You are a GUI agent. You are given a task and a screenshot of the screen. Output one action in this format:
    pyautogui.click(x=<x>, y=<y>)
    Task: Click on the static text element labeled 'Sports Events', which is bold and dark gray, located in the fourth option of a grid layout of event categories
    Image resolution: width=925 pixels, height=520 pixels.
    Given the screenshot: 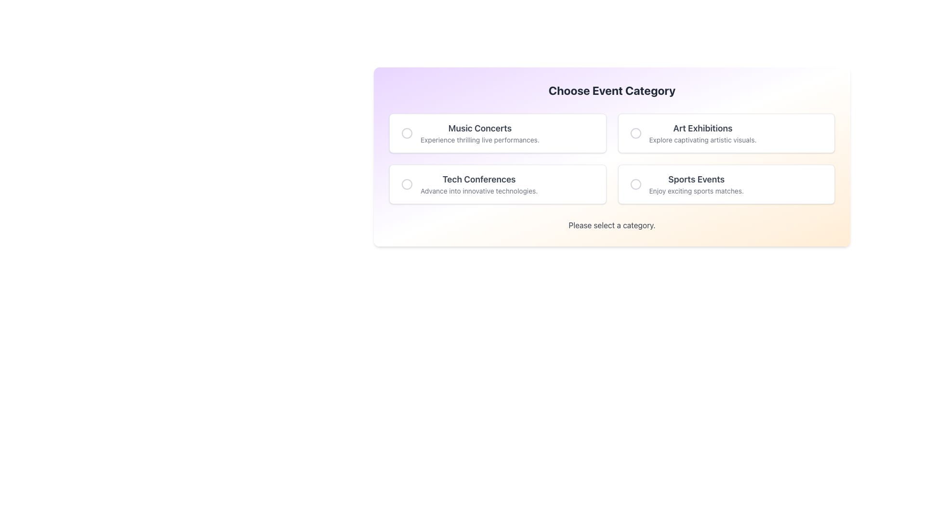 What is the action you would take?
    pyautogui.click(x=696, y=180)
    